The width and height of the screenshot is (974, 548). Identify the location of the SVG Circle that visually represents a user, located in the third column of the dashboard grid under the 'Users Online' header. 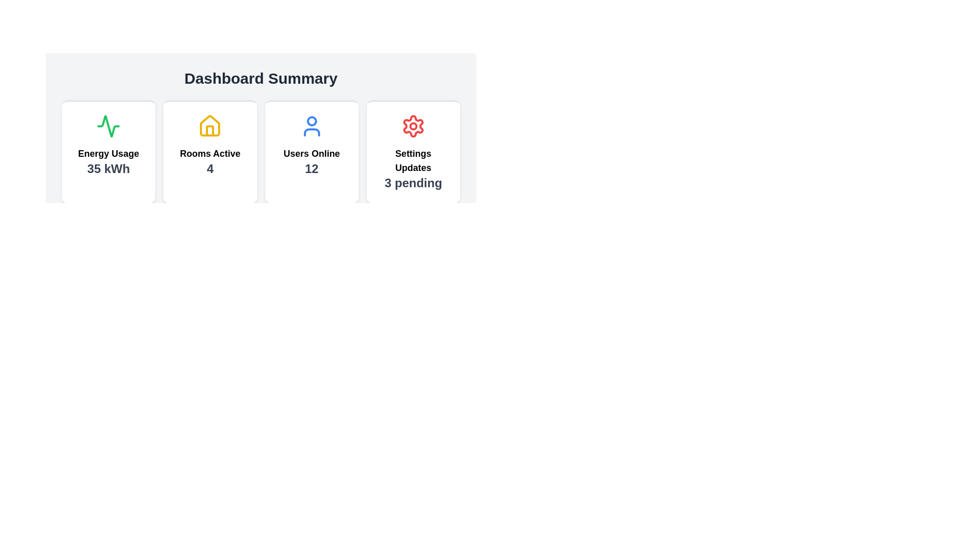
(311, 121).